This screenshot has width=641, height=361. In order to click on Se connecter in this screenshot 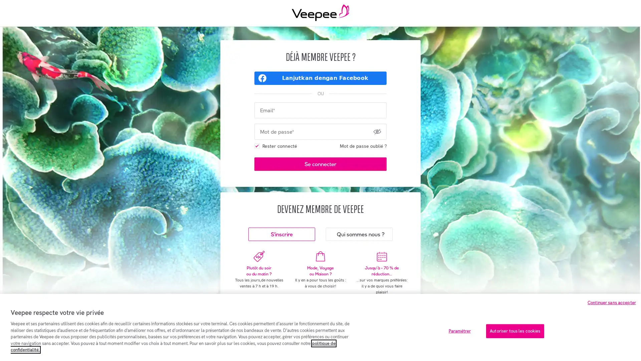, I will do `click(320, 164)`.